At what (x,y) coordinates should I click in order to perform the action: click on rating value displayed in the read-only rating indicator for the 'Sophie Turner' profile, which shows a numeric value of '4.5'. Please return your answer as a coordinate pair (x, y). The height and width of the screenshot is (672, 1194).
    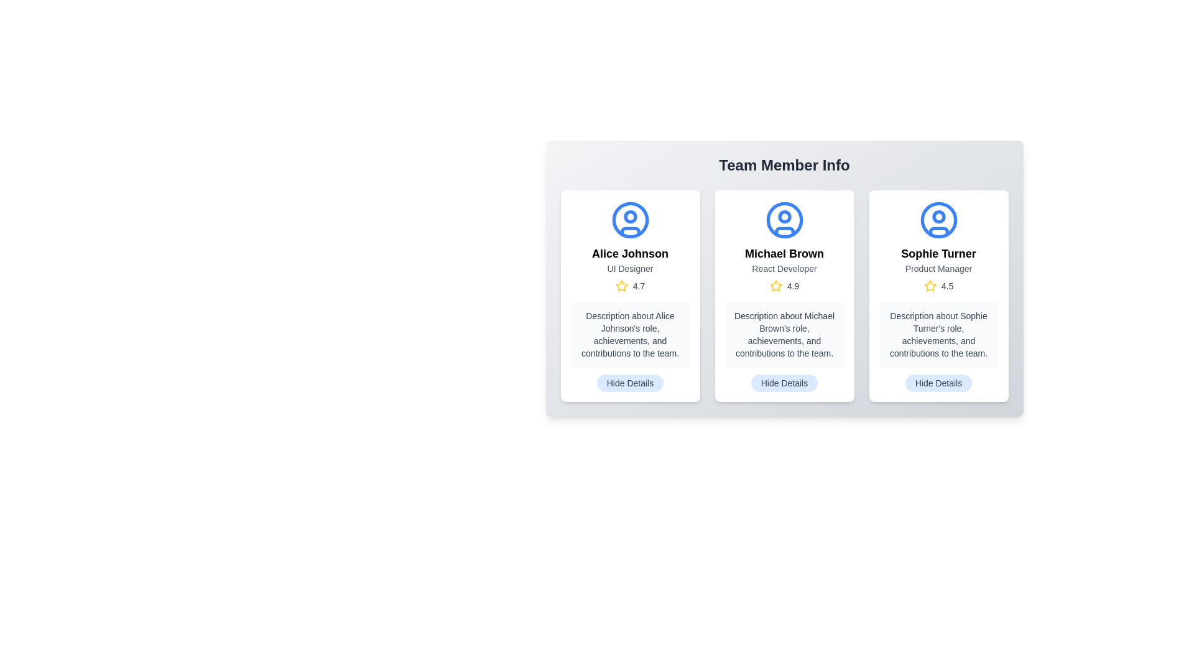
    Looking at the image, I should click on (938, 286).